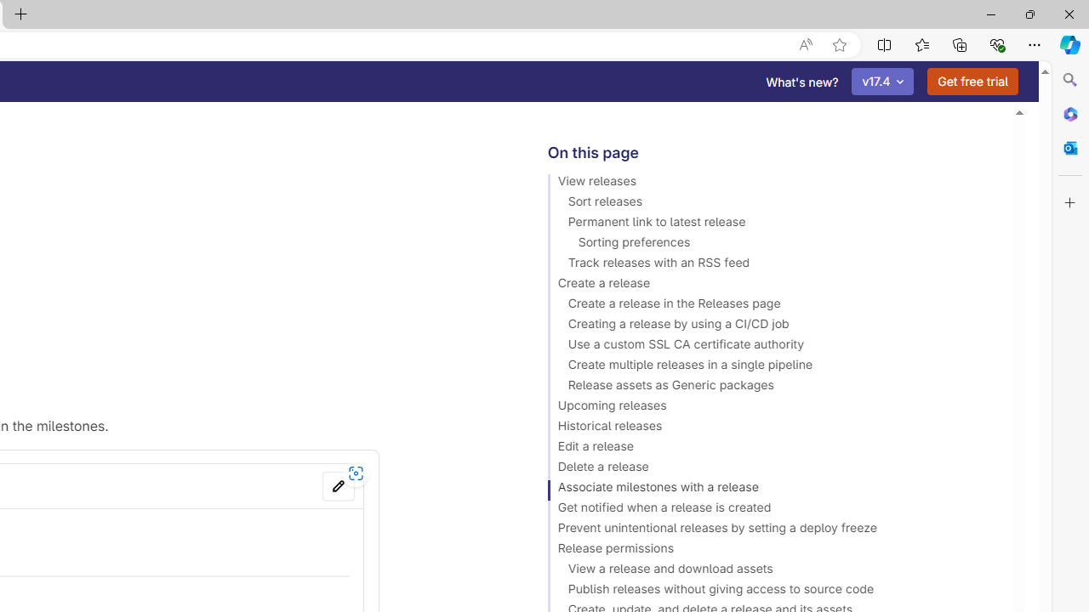  Describe the element at coordinates (772, 571) in the screenshot. I see `'View a release and download assets'` at that location.